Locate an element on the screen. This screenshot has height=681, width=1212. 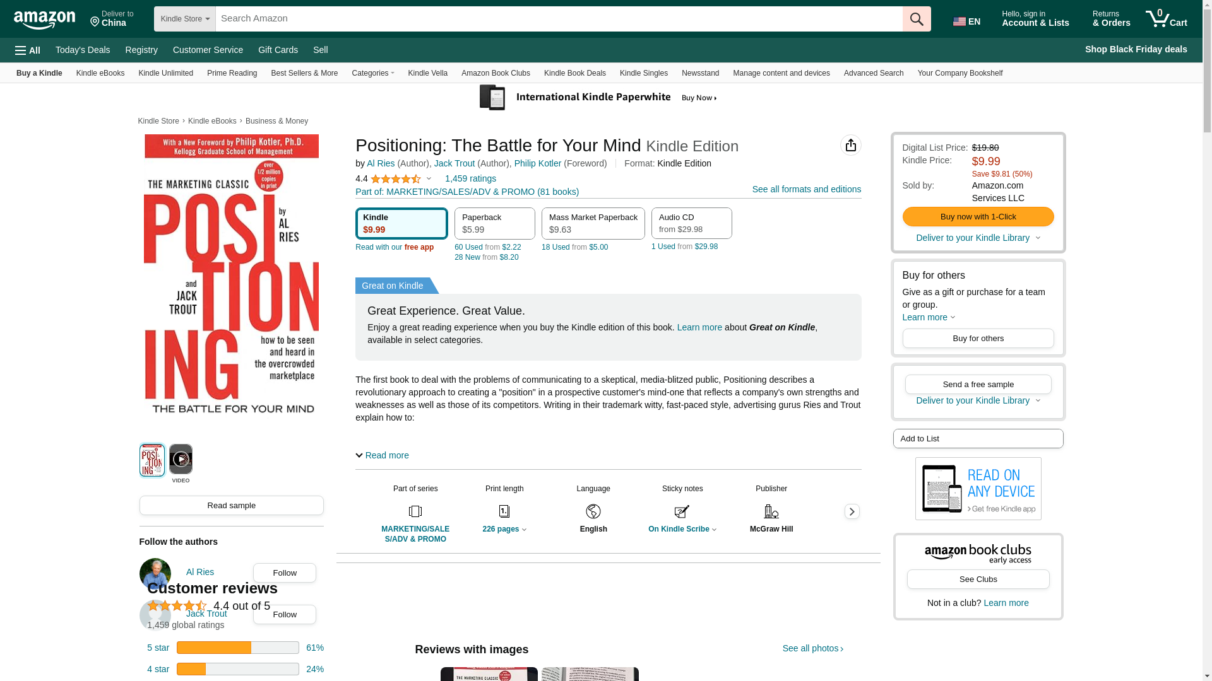
'Best Sellers & More' is located at coordinates (304, 73).